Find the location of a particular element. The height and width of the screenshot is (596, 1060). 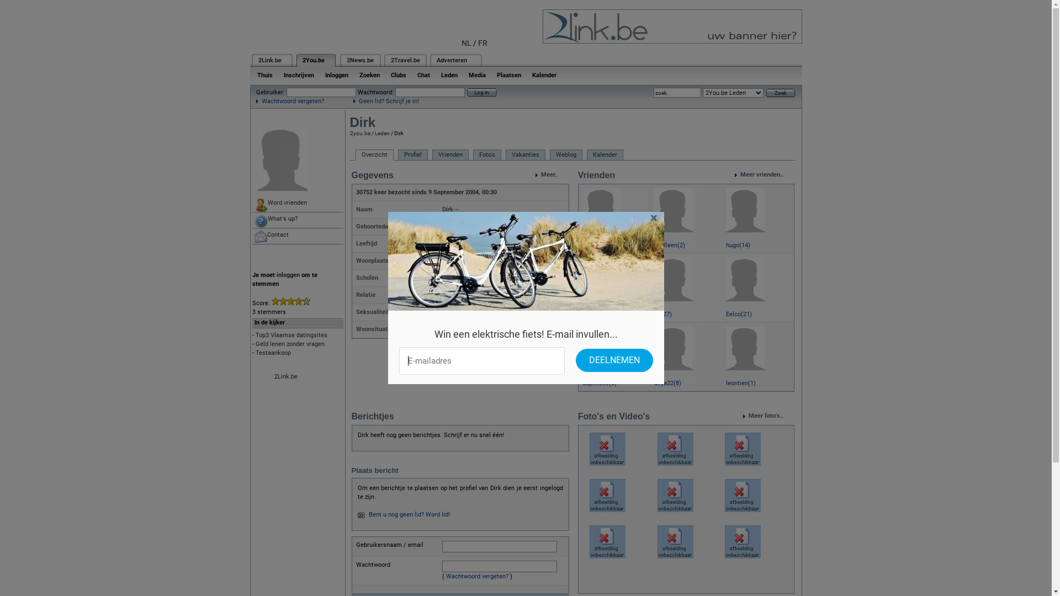

'2Link.be' is located at coordinates (270, 60).